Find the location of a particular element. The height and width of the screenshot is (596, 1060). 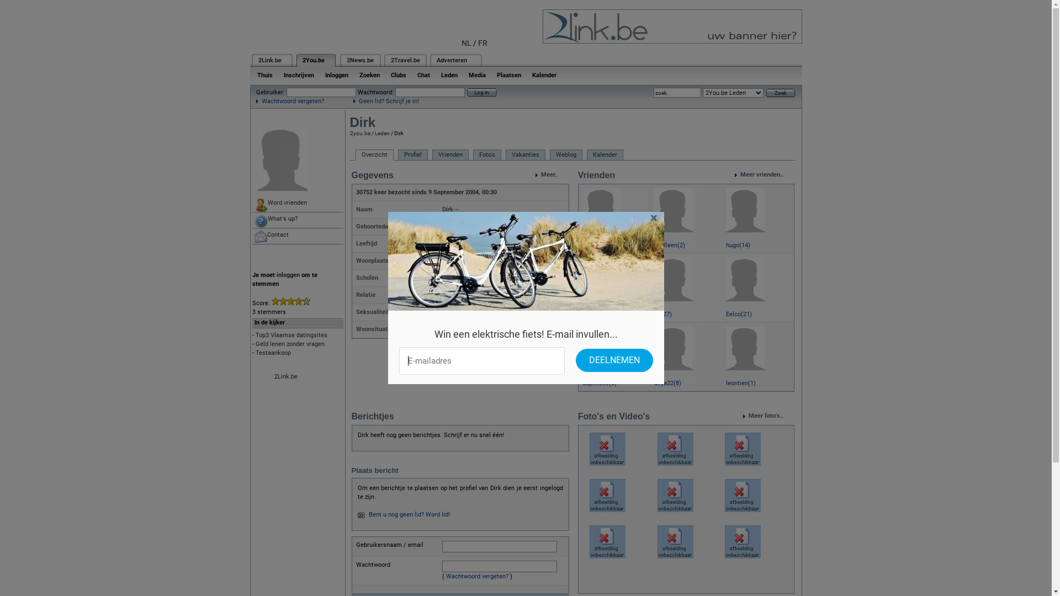

'2Link.be' is located at coordinates (270, 60).